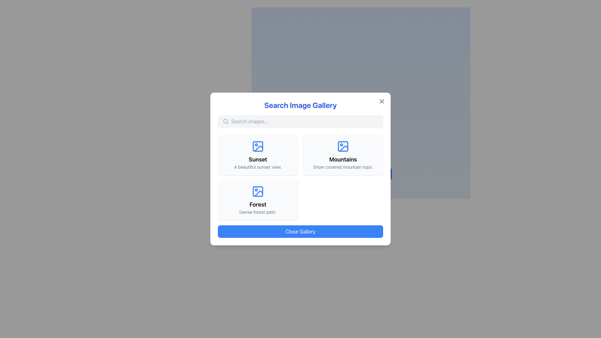 The width and height of the screenshot is (601, 338). Describe the element at coordinates (258, 146) in the screenshot. I see `the image icon representing the concept of an image or photo located at the top of the 'Sunset' card in the gallery` at that location.